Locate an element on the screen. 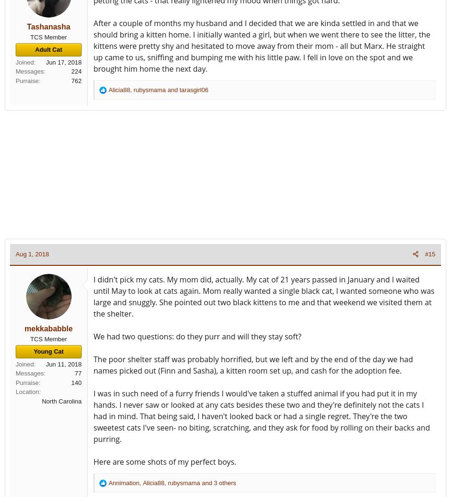 The height and width of the screenshot is (497, 451). 'I didn't pick my cats. My mom did, actually. My cat of 21 years passed in January and I waited until May to look at cats again. Mom really wanted a single black cat, I wanted someone who was large and snuggly. She pointed out two black kittens to me and that weekend we visited them at the shelter.' is located at coordinates (264, 296).